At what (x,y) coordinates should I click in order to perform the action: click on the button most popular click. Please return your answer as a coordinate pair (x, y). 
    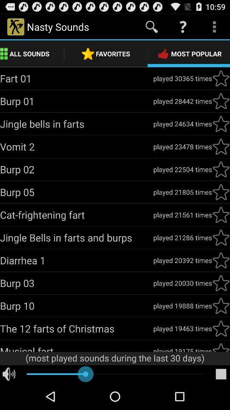
    Looking at the image, I should click on (221, 306).